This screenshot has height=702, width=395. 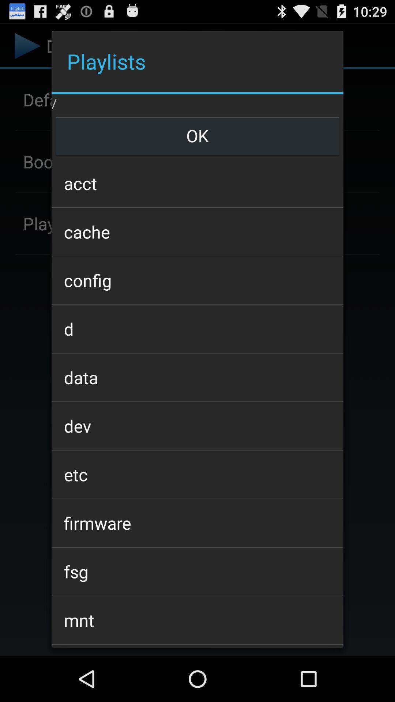 What do you see at coordinates (197, 377) in the screenshot?
I see `the icon below the d item` at bounding box center [197, 377].